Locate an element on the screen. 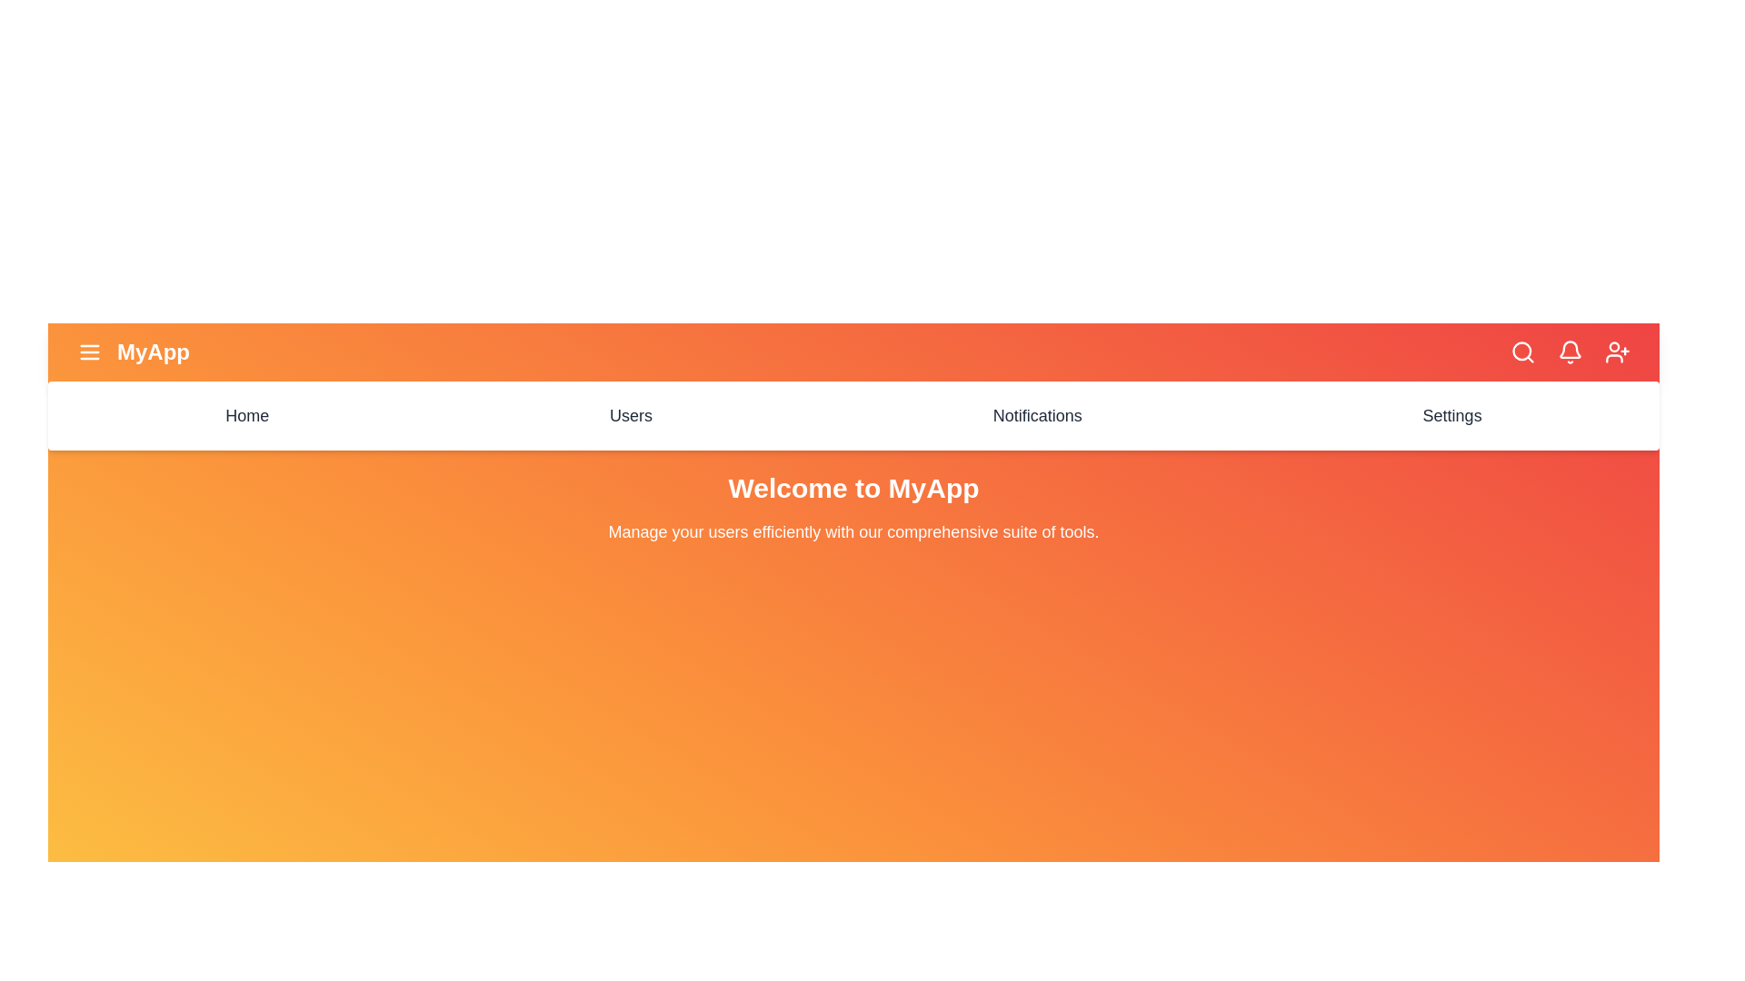  the notifications icon in the header is located at coordinates (1570, 352).